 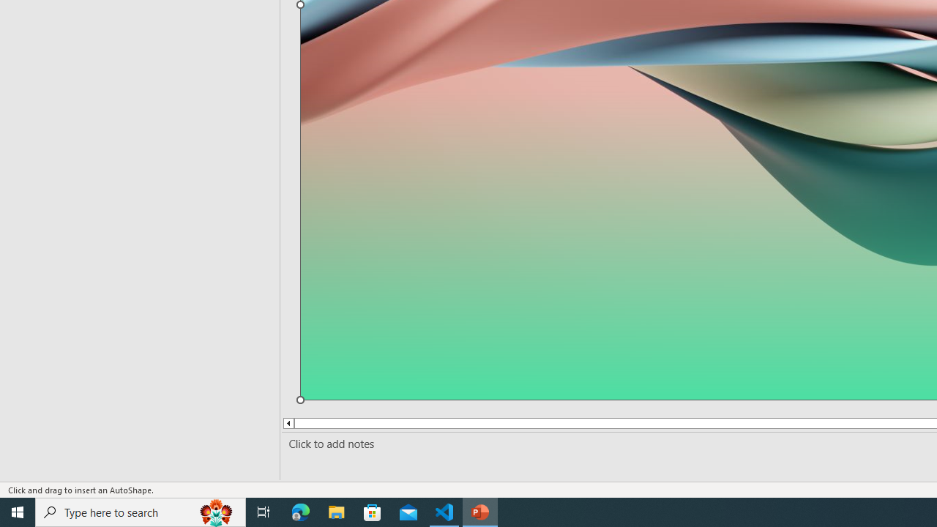 What do you see at coordinates (18, 511) in the screenshot?
I see `'Start'` at bounding box center [18, 511].